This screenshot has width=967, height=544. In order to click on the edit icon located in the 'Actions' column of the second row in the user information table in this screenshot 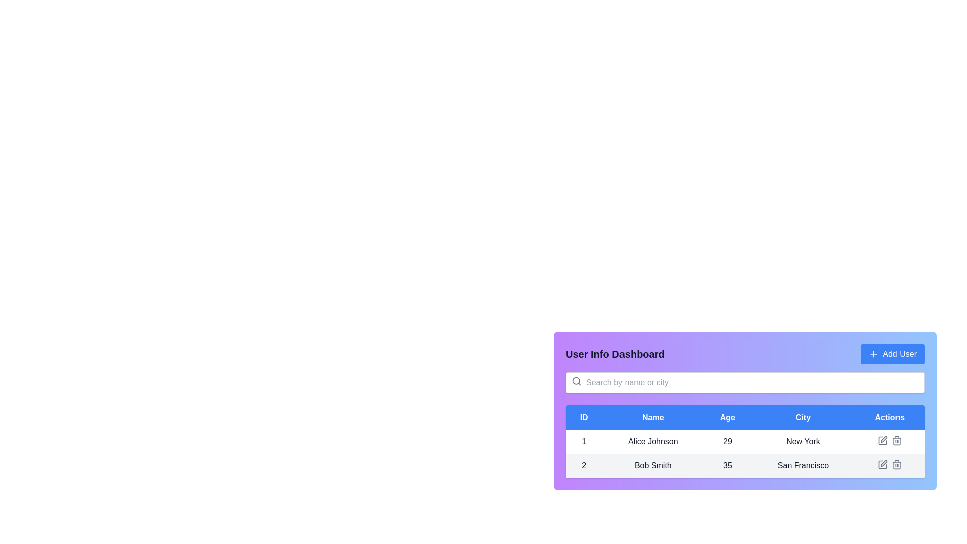, I will do `click(883, 439)`.